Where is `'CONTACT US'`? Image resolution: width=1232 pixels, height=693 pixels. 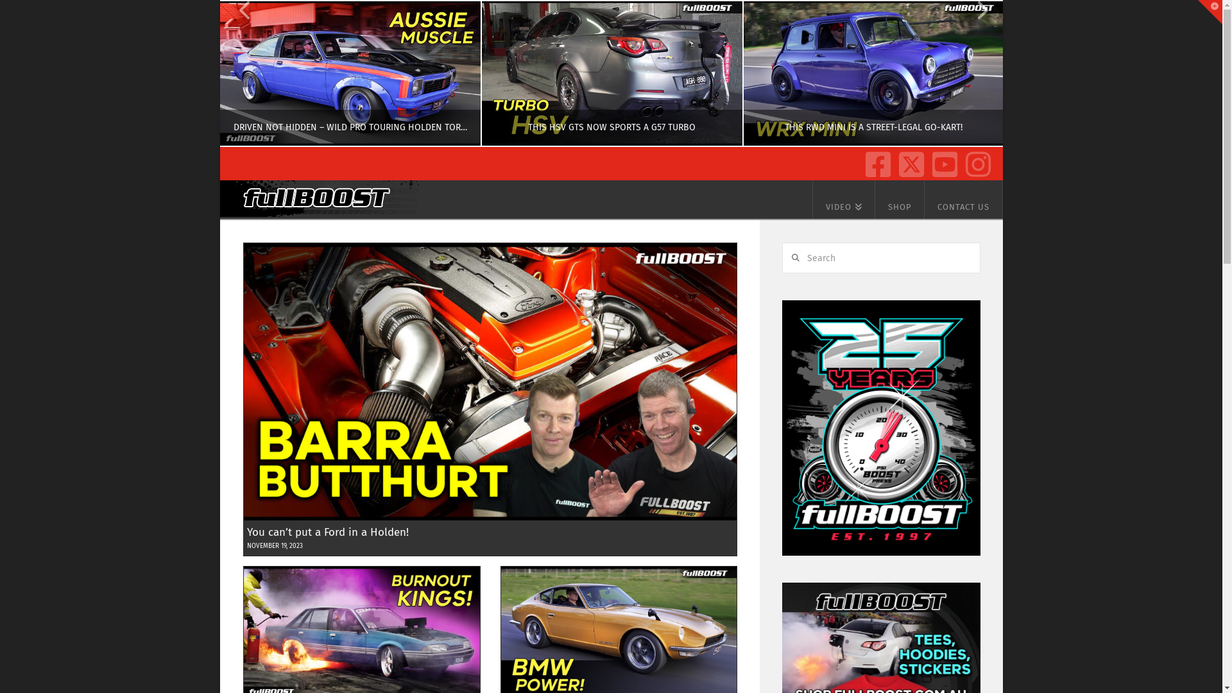
'CONTACT US' is located at coordinates (964, 200).